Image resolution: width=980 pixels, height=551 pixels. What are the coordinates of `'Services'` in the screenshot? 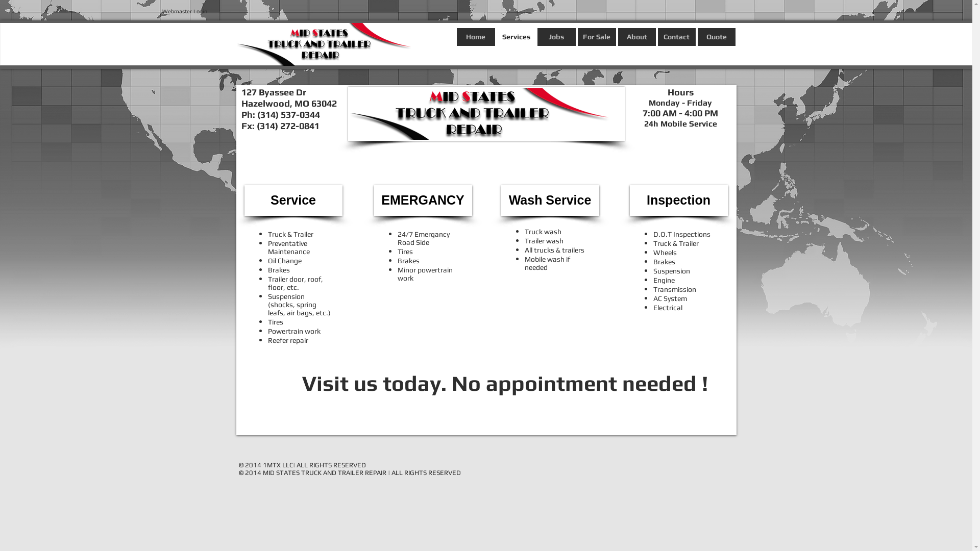 It's located at (497, 36).